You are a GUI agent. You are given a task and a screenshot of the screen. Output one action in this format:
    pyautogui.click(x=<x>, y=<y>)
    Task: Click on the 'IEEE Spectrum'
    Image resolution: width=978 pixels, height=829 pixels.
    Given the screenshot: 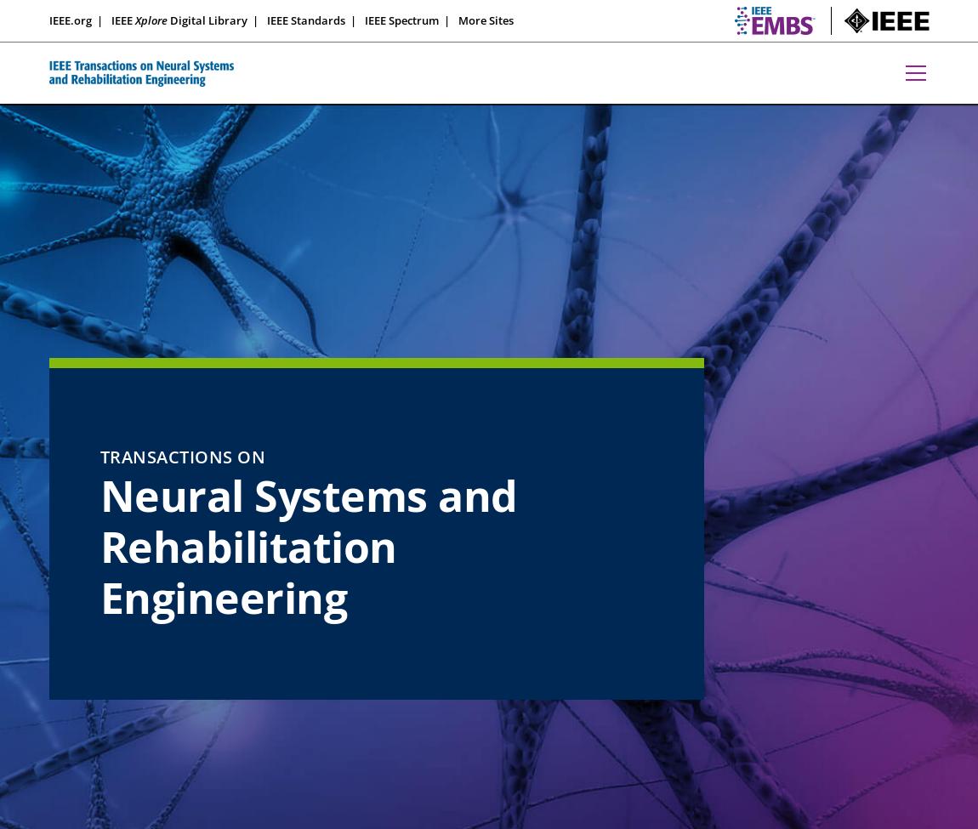 What is the action you would take?
    pyautogui.click(x=401, y=20)
    